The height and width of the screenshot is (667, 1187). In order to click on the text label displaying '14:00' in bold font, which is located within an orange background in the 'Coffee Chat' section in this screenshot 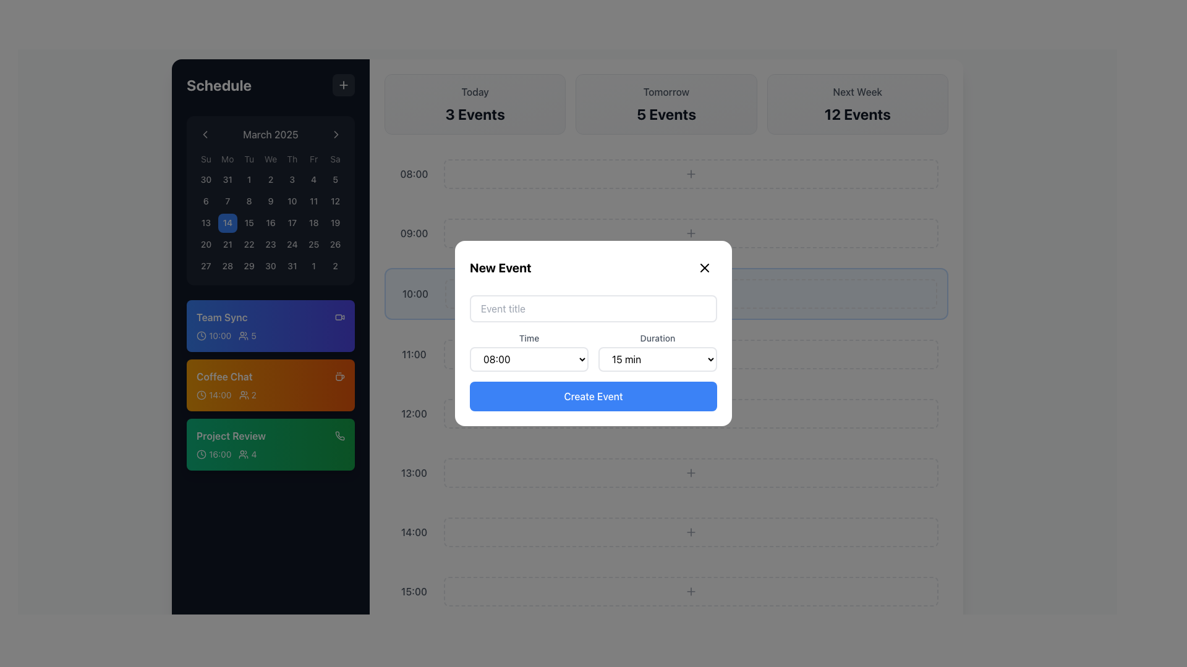, I will do `click(220, 395)`.